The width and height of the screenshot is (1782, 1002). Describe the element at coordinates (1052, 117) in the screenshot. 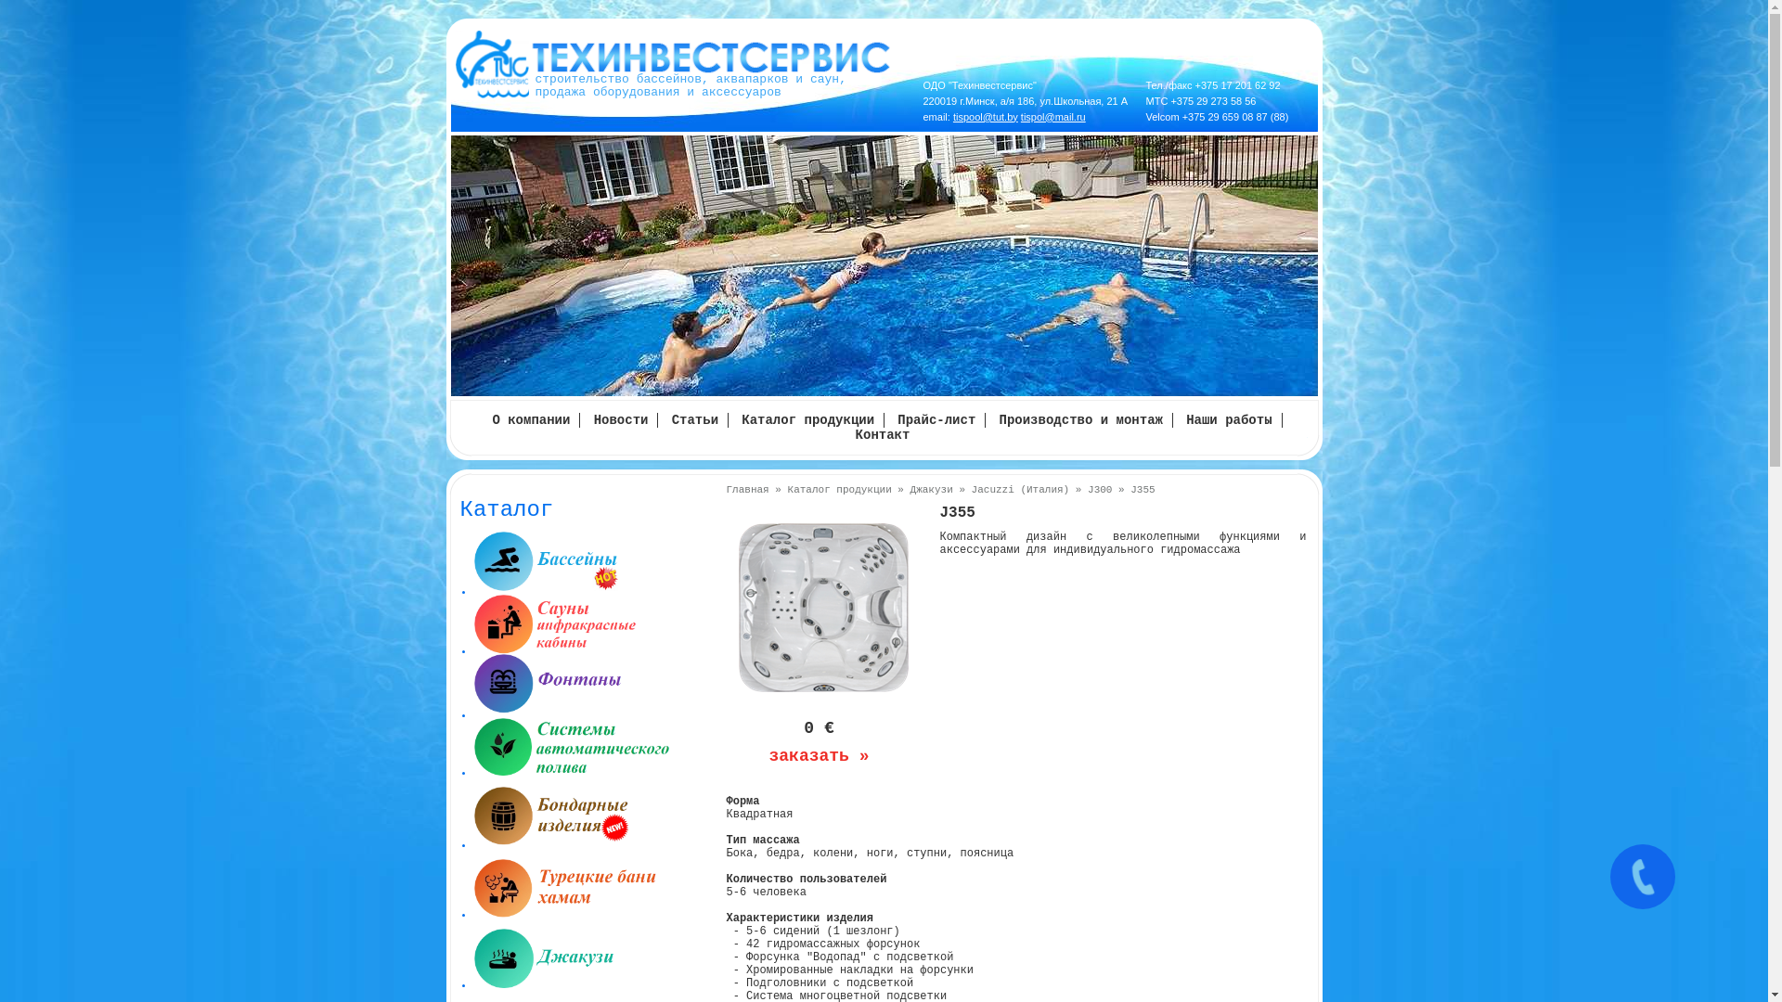

I see `'tispol@mail.ru'` at that location.